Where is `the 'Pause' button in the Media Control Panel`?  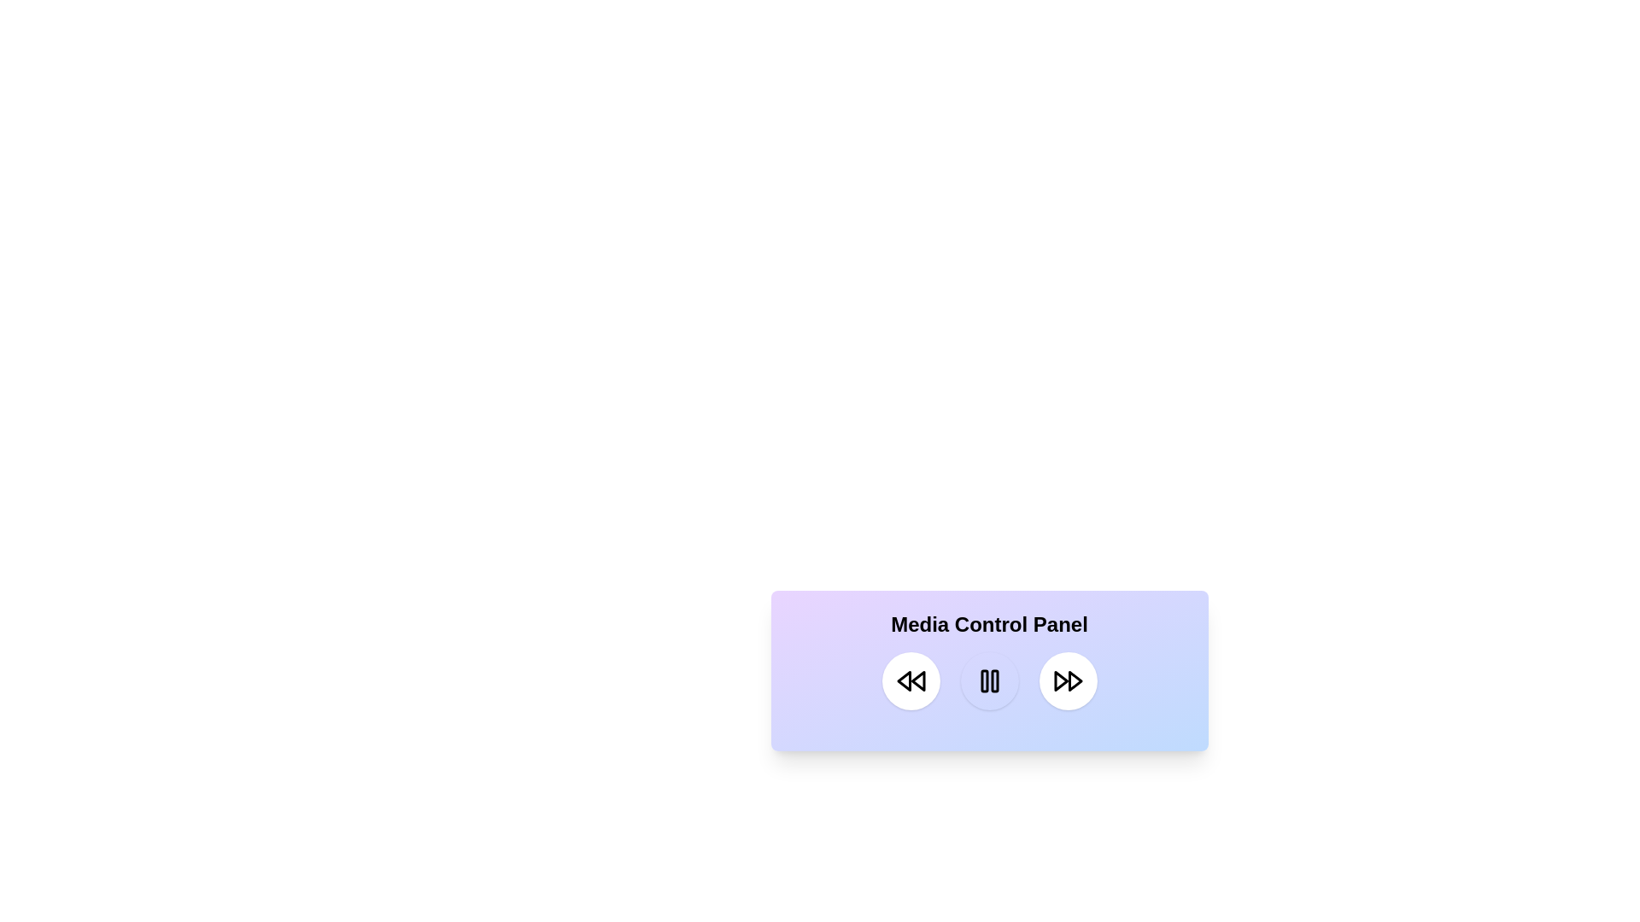 the 'Pause' button in the Media Control Panel is located at coordinates (989, 680).